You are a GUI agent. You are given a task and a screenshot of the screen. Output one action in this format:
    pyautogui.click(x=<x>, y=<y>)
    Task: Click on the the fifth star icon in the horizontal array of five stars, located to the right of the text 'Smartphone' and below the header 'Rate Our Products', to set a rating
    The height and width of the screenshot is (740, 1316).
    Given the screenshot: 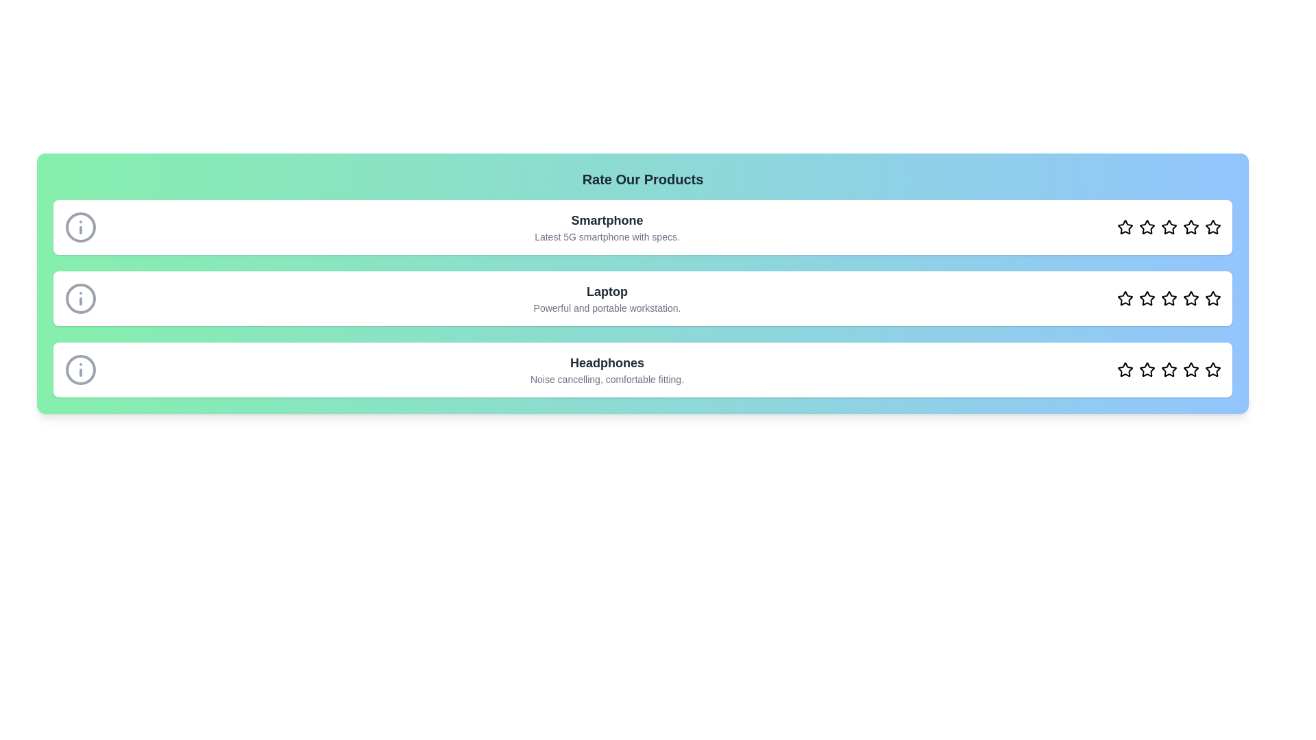 What is the action you would take?
    pyautogui.click(x=1213, y=226)
    